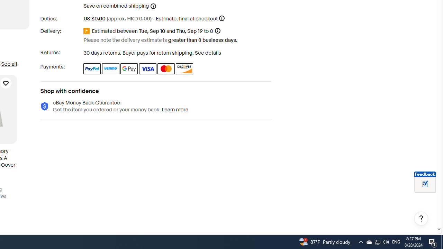 This screenshot has height=249, width=443. Describe the element at coordinates (425, 184) in the screenshot. I see `'Leave feedback about your eBay ViewItem experience'` at that location.